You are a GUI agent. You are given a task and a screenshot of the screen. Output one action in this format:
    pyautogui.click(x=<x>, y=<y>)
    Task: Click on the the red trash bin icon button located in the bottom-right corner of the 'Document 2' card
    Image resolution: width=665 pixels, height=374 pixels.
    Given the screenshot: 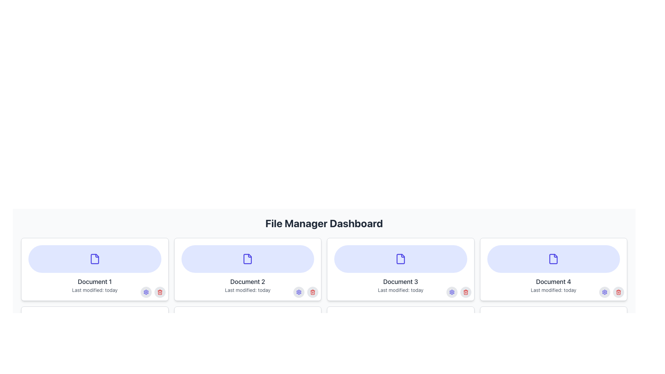 What is the action you would take?
    pyautogui.click(x=312, y=292)
    